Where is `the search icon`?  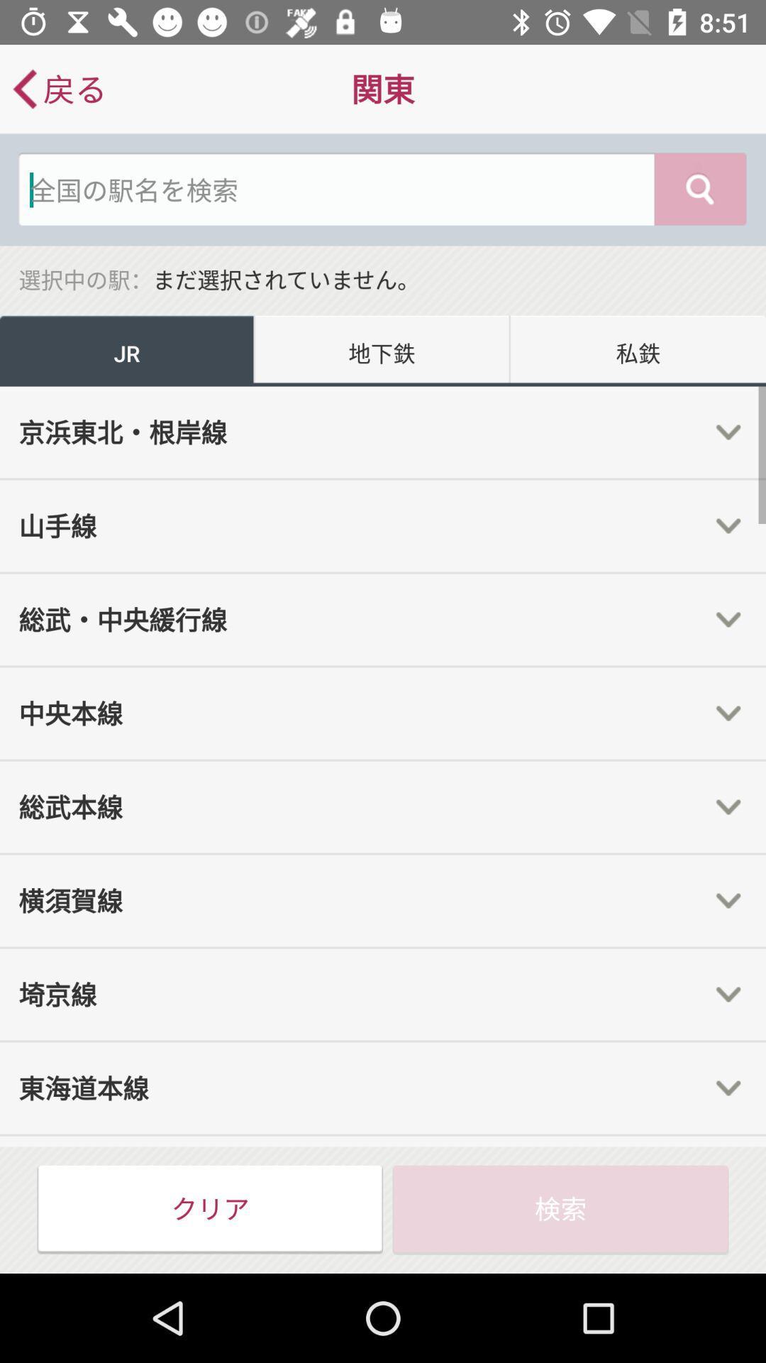 the search icon is located at coordinates (700, 189).